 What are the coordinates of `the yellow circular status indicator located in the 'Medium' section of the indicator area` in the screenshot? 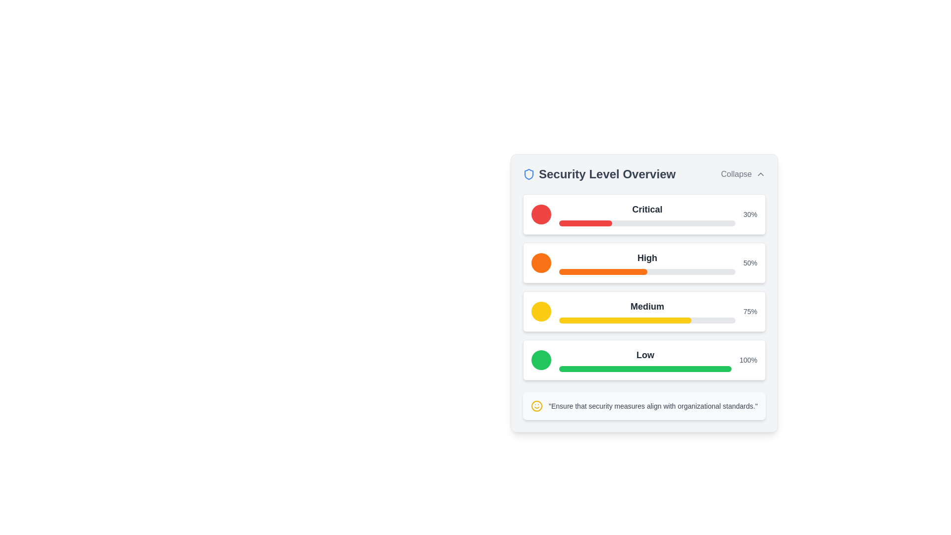 It's located at (541, 311).